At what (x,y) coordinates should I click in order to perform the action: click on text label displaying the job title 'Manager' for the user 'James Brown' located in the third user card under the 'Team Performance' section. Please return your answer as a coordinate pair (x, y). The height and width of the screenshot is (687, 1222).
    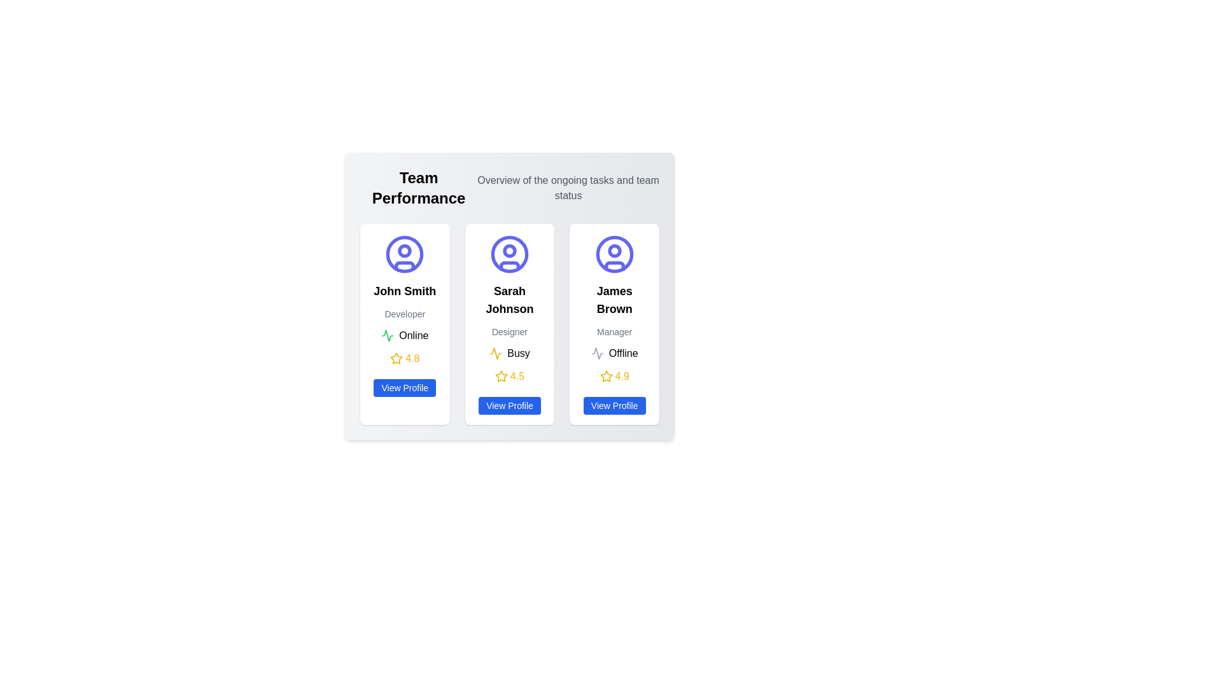
    Looking at the image, I should click on (614, 331).